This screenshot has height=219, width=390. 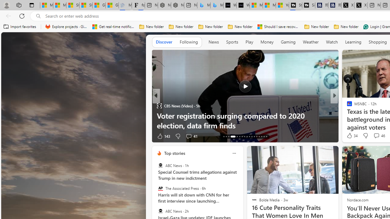 What do you see at coordinates (266, 136) in the screenshot?
I see `'AutomationID: tab-42'` at bounding box center [266, 136].